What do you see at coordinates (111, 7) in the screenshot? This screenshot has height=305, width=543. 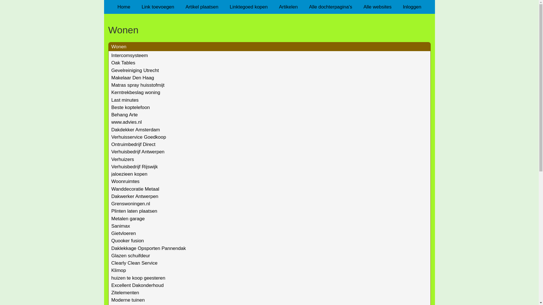 I see `'Home'` at bounding box center [111, 7].